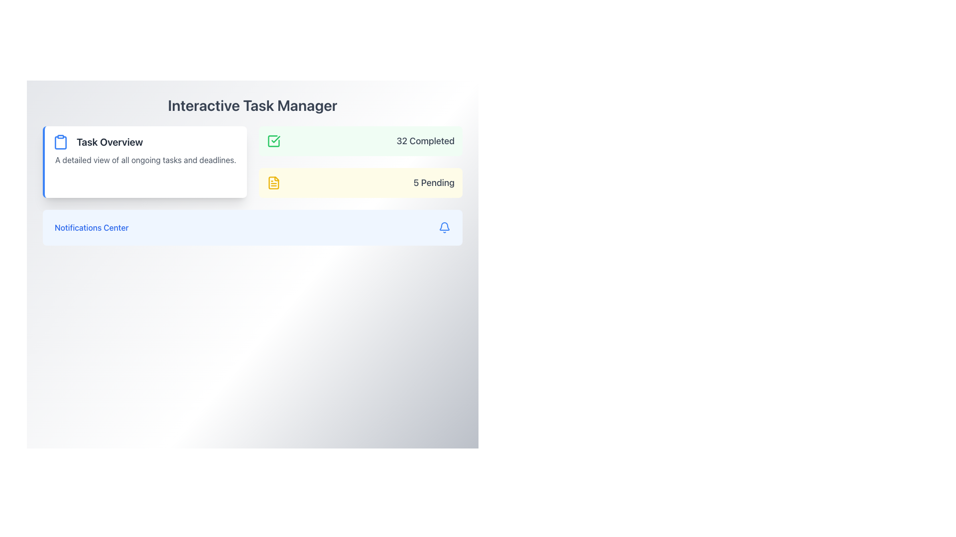  What do you see at coordinates (273, 182) in the screenshot?
I see `the icon representing the document associated with the '5 Pending' status` at bounding box center [273, 182].